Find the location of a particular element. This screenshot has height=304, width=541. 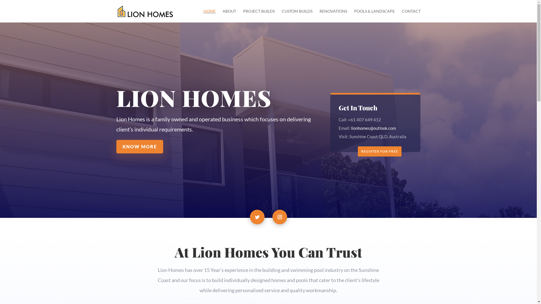

'HOME' is located at coordinates (209, 15).